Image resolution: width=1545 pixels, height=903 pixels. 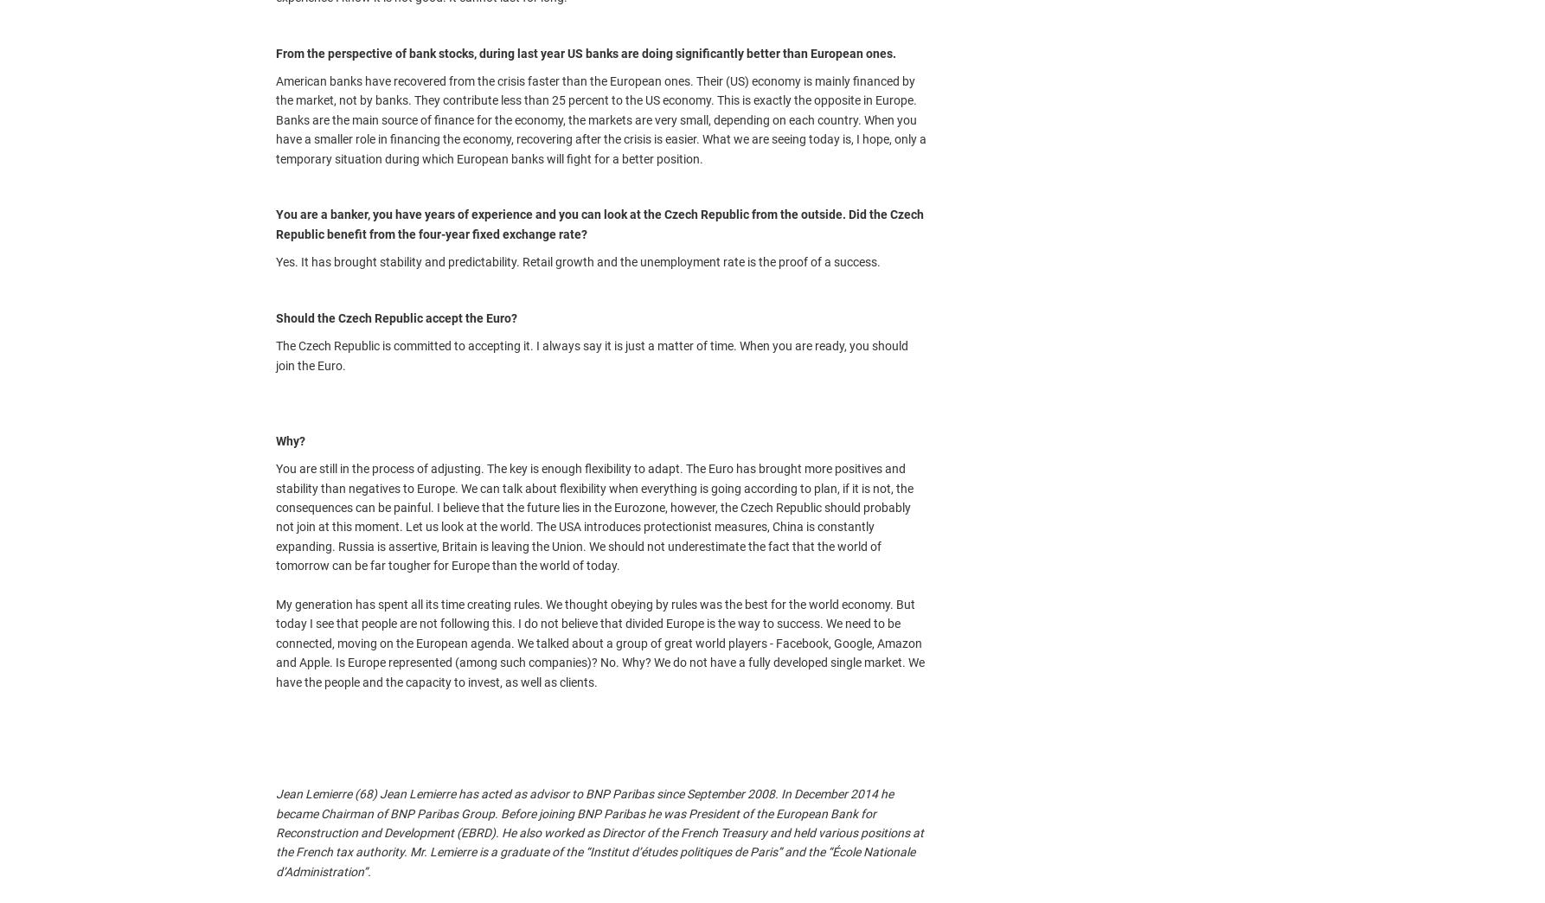 What do you see at coordinates (600, 118) in the screenshot?
I see `'American banks have recovered from the crisis faster than the European ones. Their (US) economy is mainly financed by the market, not by banks. They contribute less than 25 percent to the US economy. This is exactly the opposite in Europe. Banks are the main source of finance for the economy, the markets are very small, depending on each country. When you have a smaller role in financing the economy, recovering after the crisis is easier. What we are seeing today is, I hope, only a temporary situation during which European banks will fight for a better position.'` at bounding box center [600, 118].